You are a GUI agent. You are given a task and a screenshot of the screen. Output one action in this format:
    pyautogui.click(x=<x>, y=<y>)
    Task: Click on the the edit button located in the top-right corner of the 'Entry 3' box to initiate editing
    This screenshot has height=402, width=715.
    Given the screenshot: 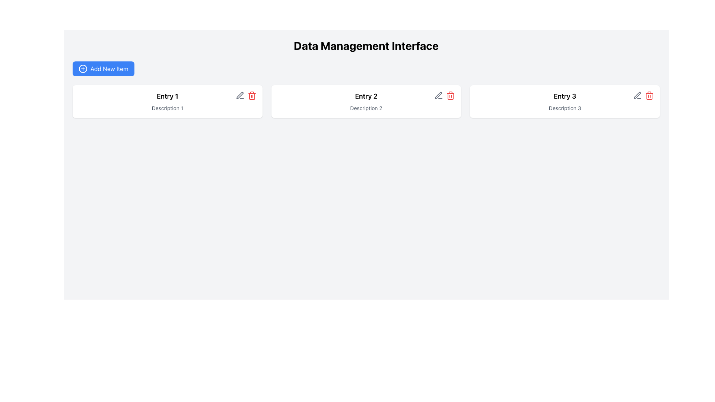 What is the action you would take?
    pyautogui.click(x=637, y=95)
    